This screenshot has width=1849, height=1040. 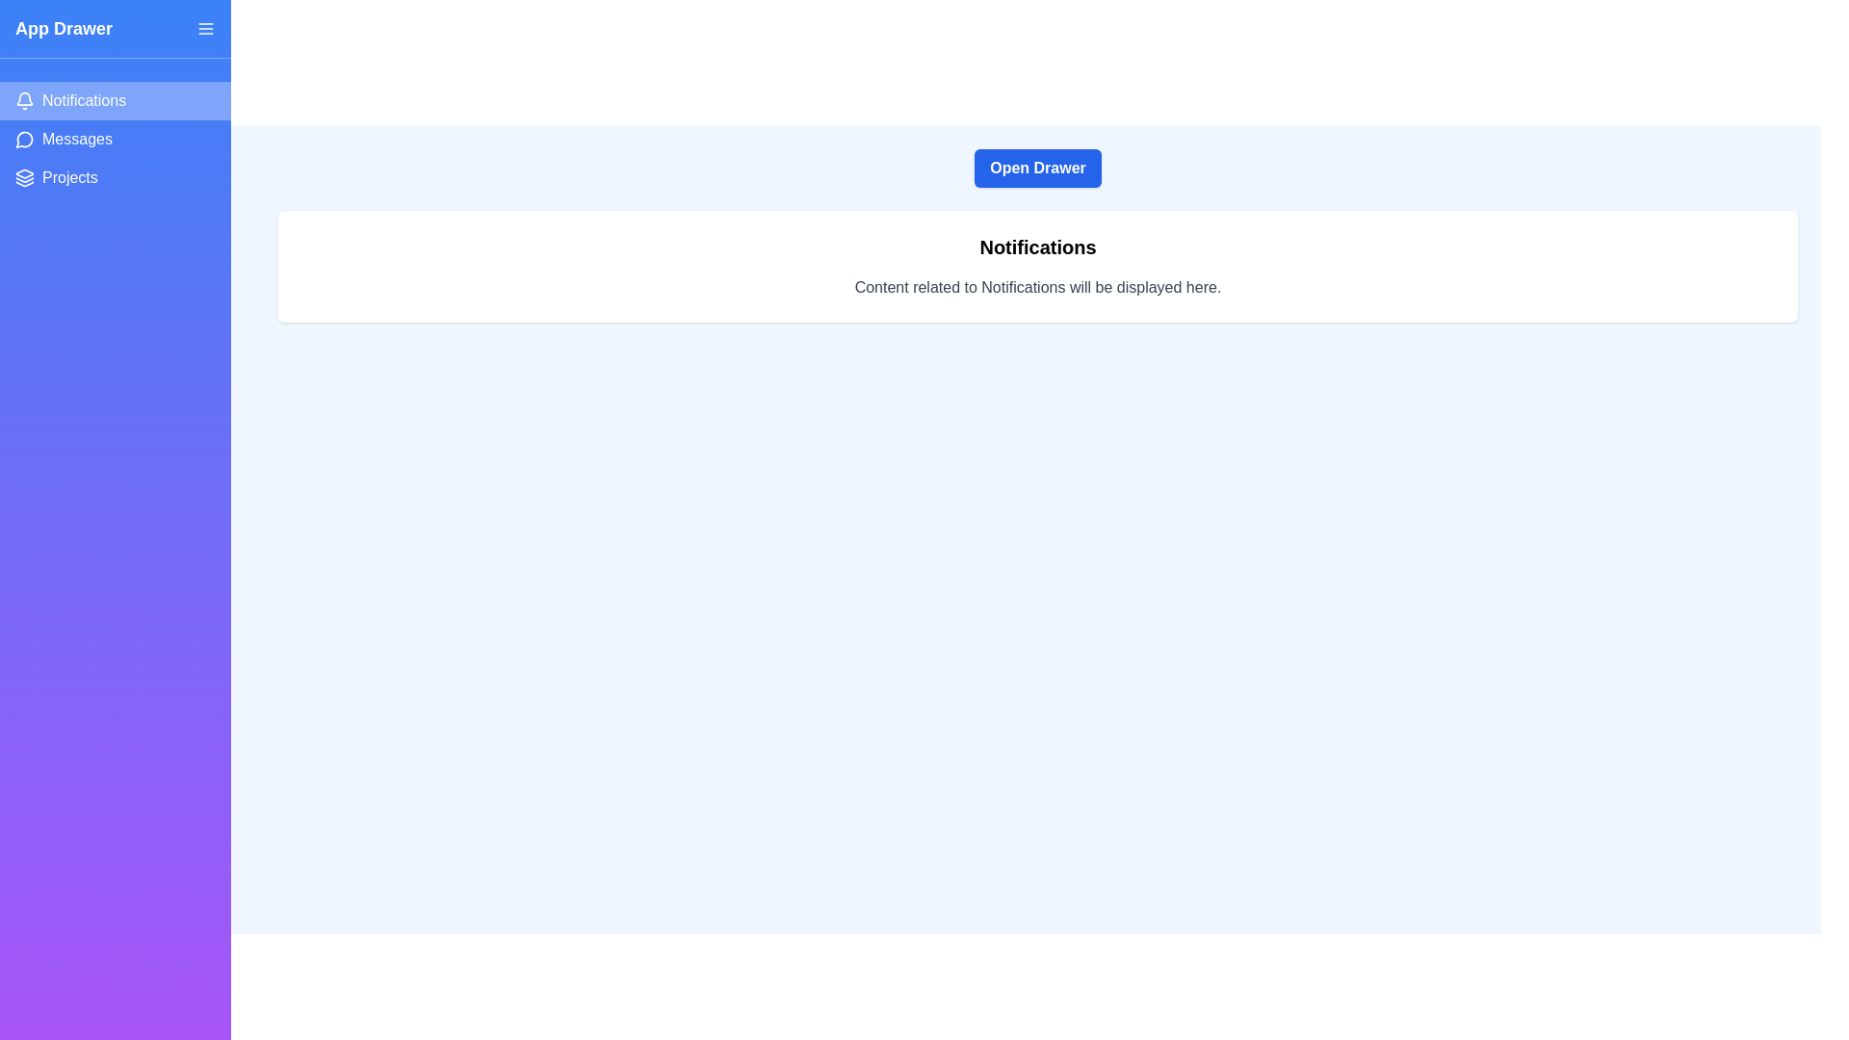 I want to click on the sidebar option Notifications, so click(x=115, y=100).